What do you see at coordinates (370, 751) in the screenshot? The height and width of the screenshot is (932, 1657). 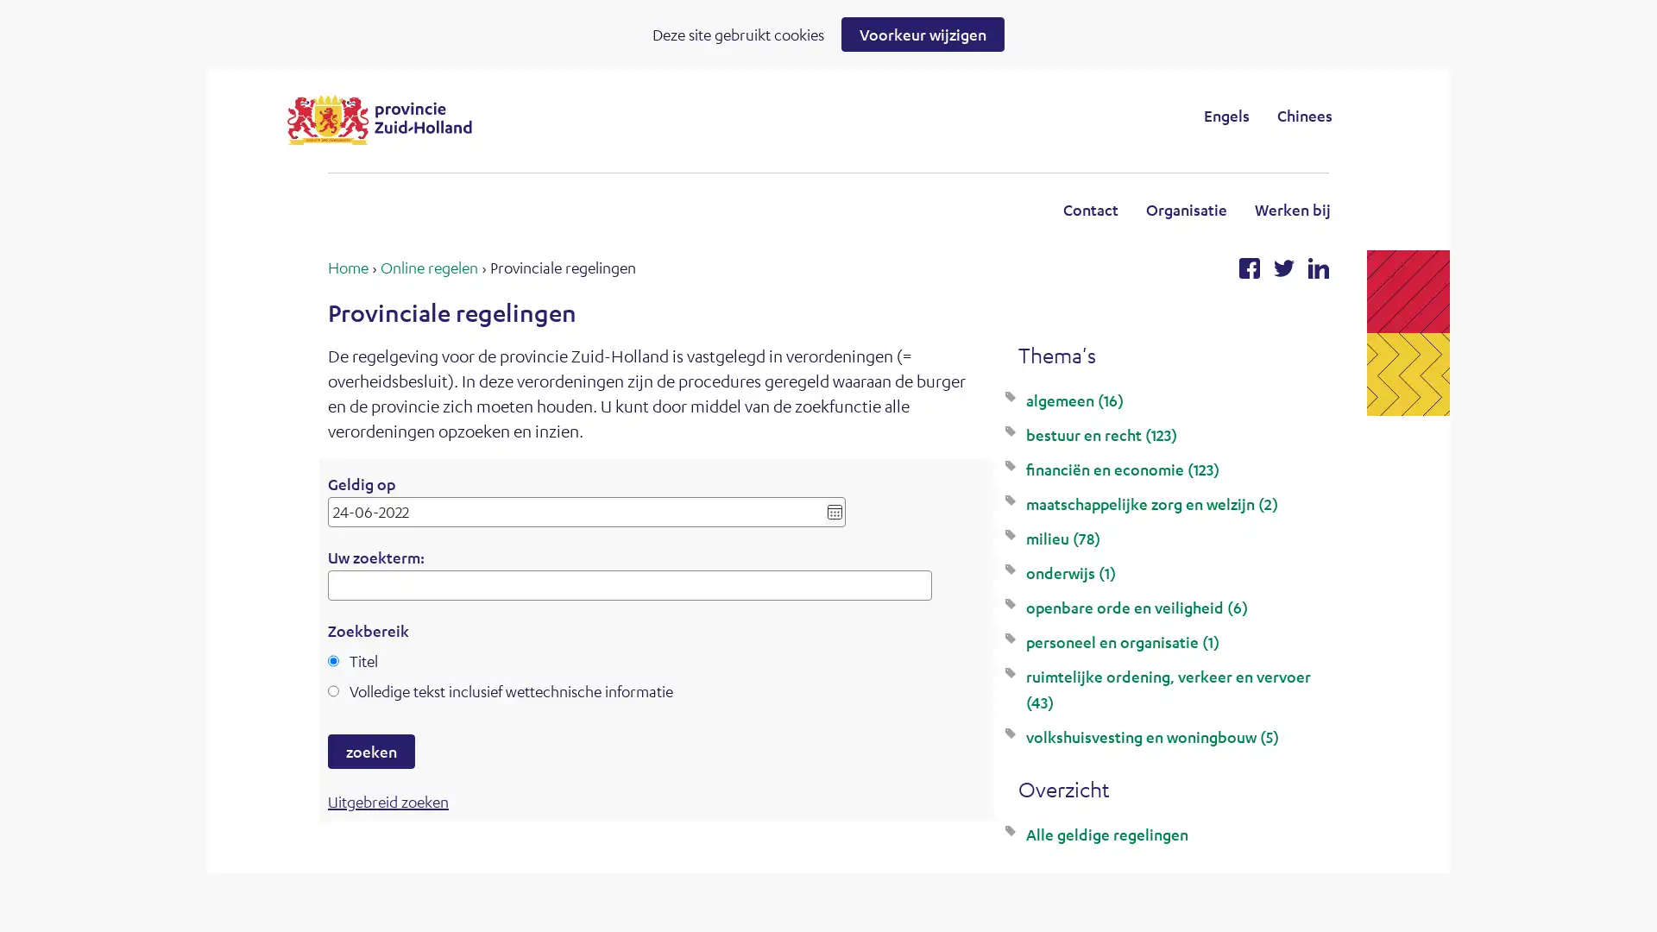 I see `zoeken` at bounding box center [370, 751].